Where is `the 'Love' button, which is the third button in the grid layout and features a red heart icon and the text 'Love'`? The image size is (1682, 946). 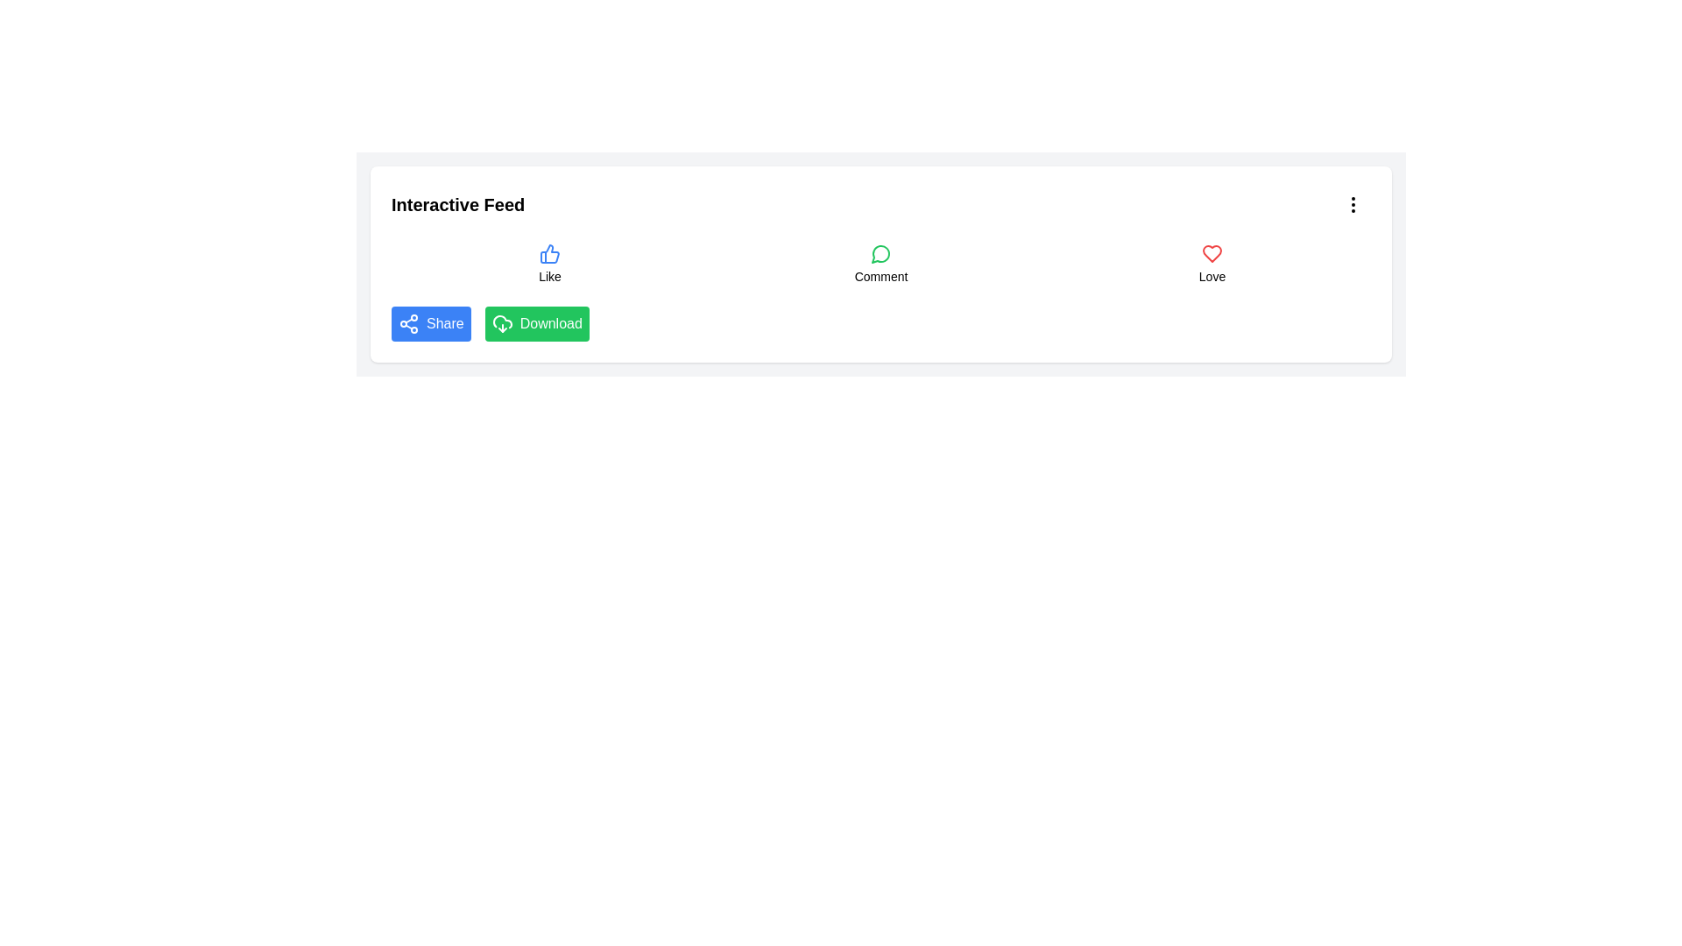
the 'Love' button, which is the third button in the grid layout and features a red heart icon and the text 'Love' is located at coordinates (1211, 264).